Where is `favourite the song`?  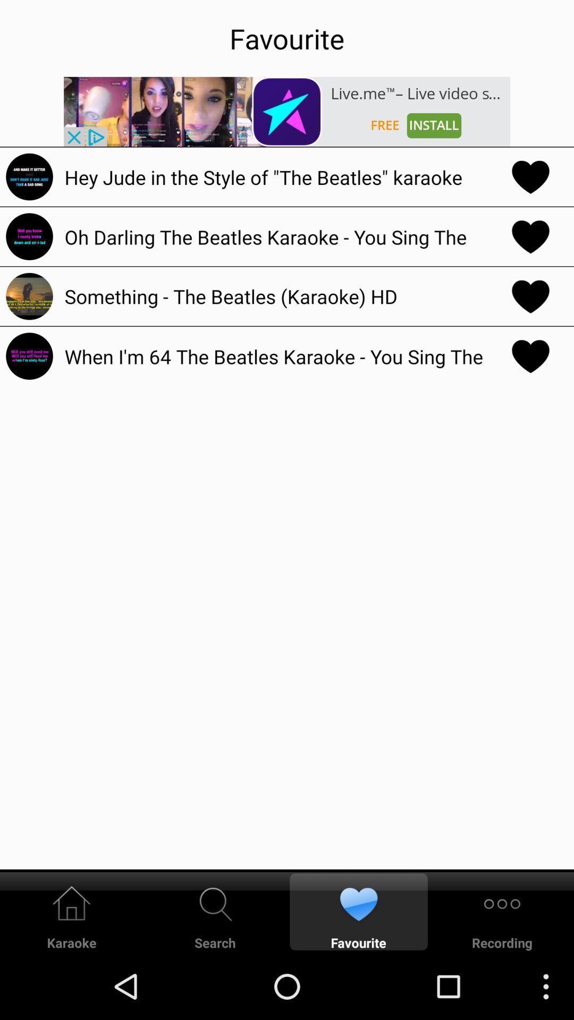
favourite the song is located at coordinates (530, 176).